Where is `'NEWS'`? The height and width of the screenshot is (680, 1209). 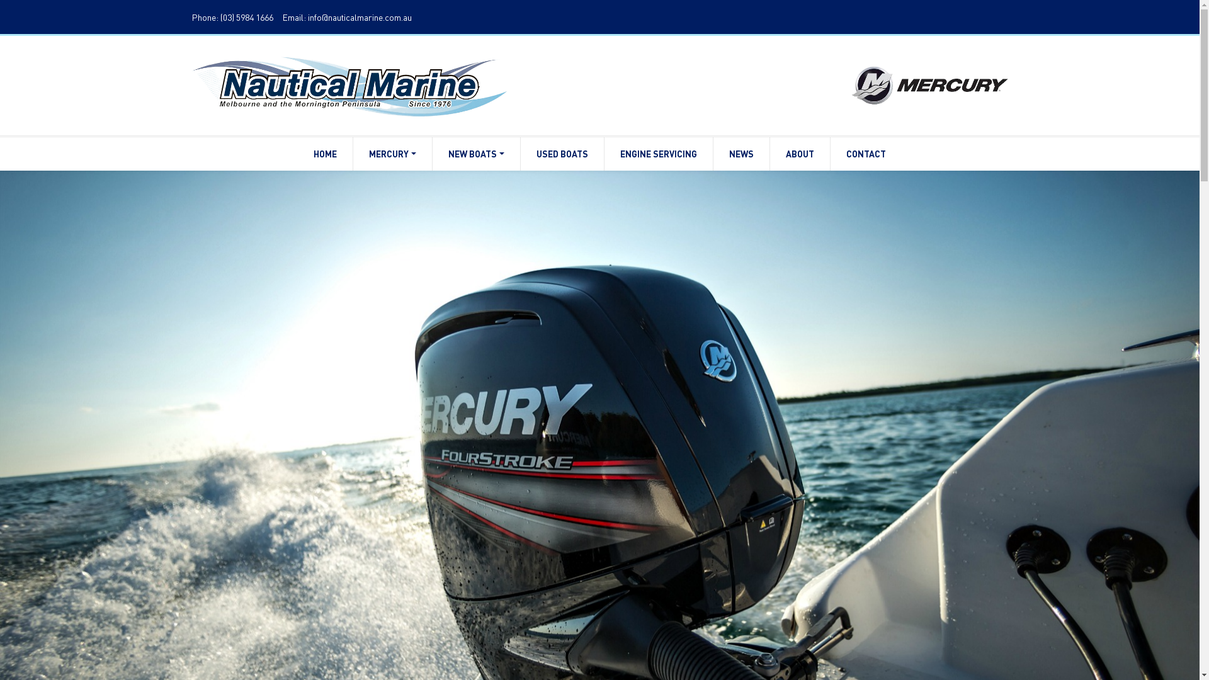
'NEWS' is located at coordinates (741, 153).